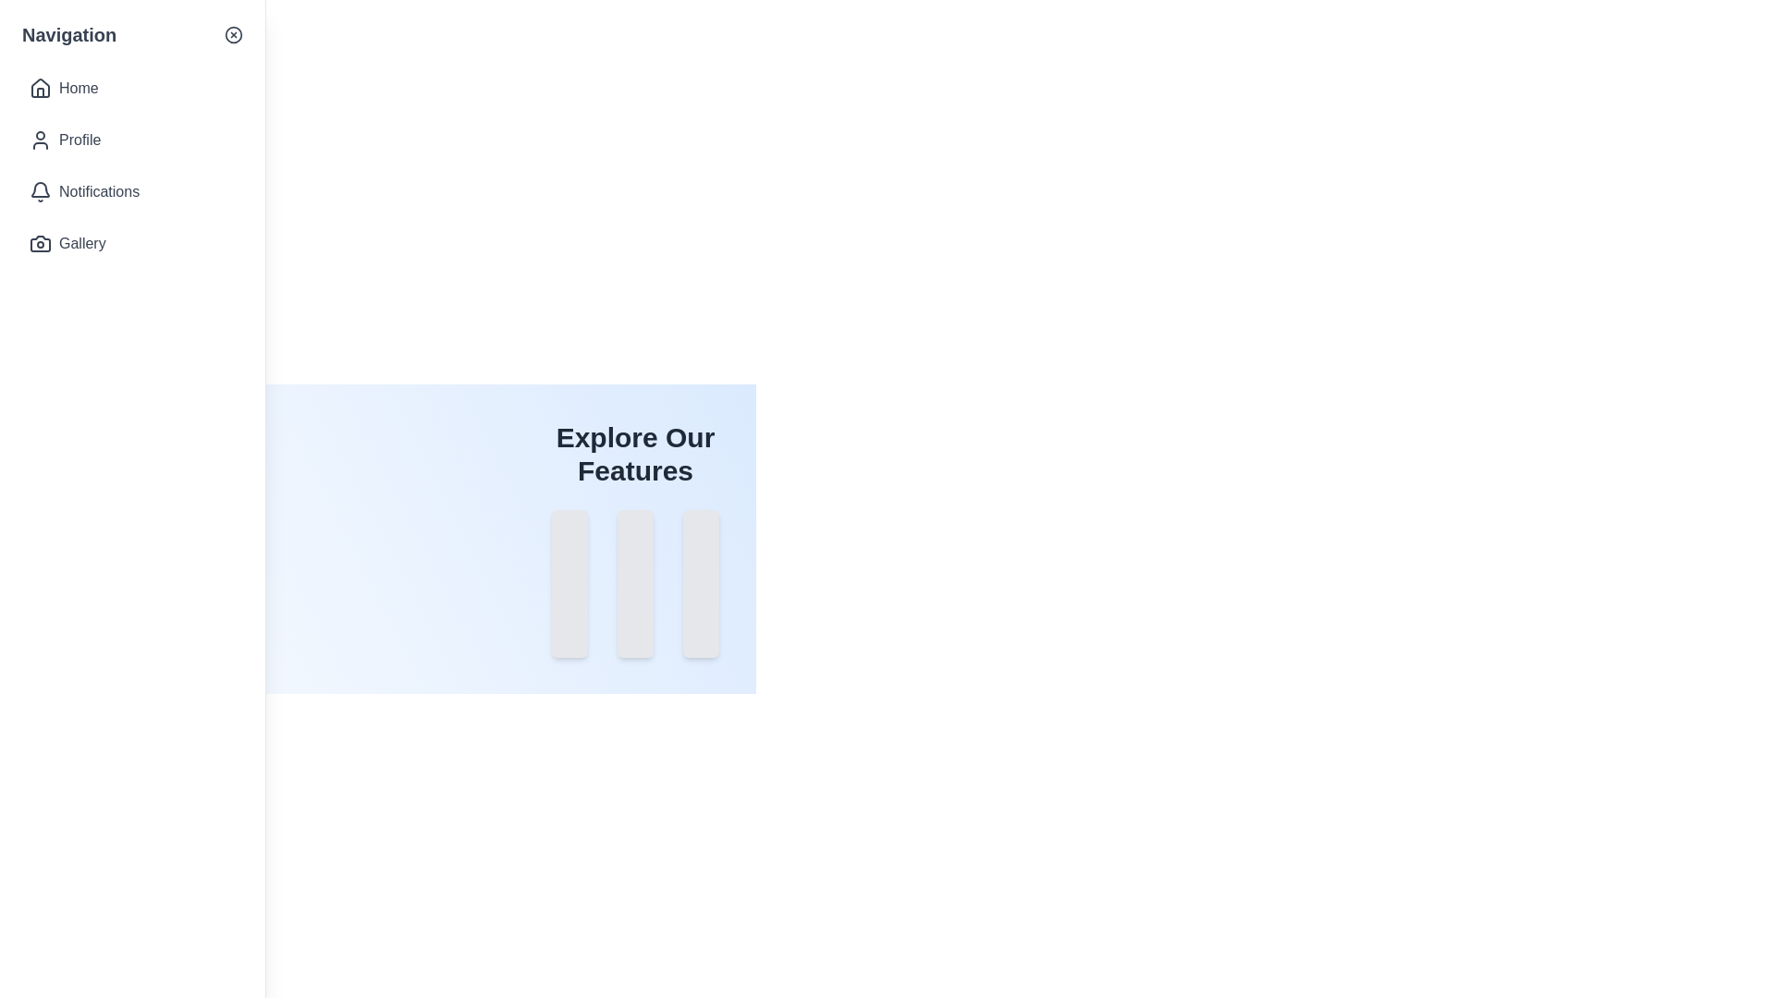 The image size is (1775, 998). Describe the element at coordinates (131, 192) in the screenshot. I see `the 'Notifications' menu item, which is the third item in the vertical navigation menu, to observe the background color change` at that location.